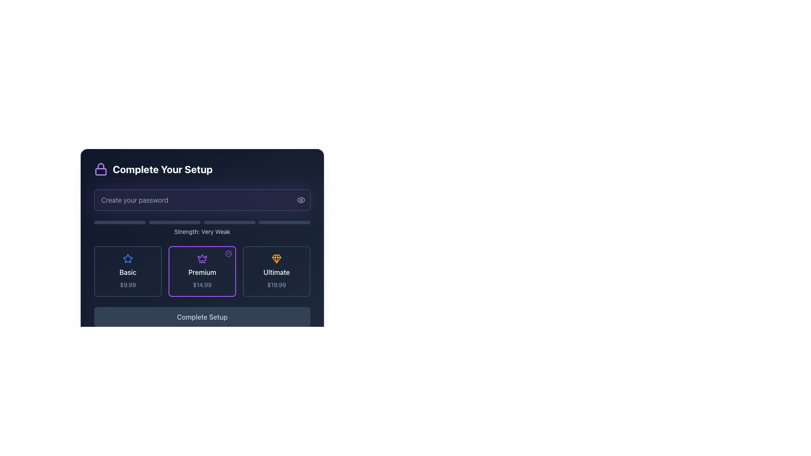 The width and height of the screenshot is (811, 456). I want to click on the text label displaying the price '$14.99' located at the bottom of the 'Premium' subscription option box, centered horizontally within the card, so click(202, 285).